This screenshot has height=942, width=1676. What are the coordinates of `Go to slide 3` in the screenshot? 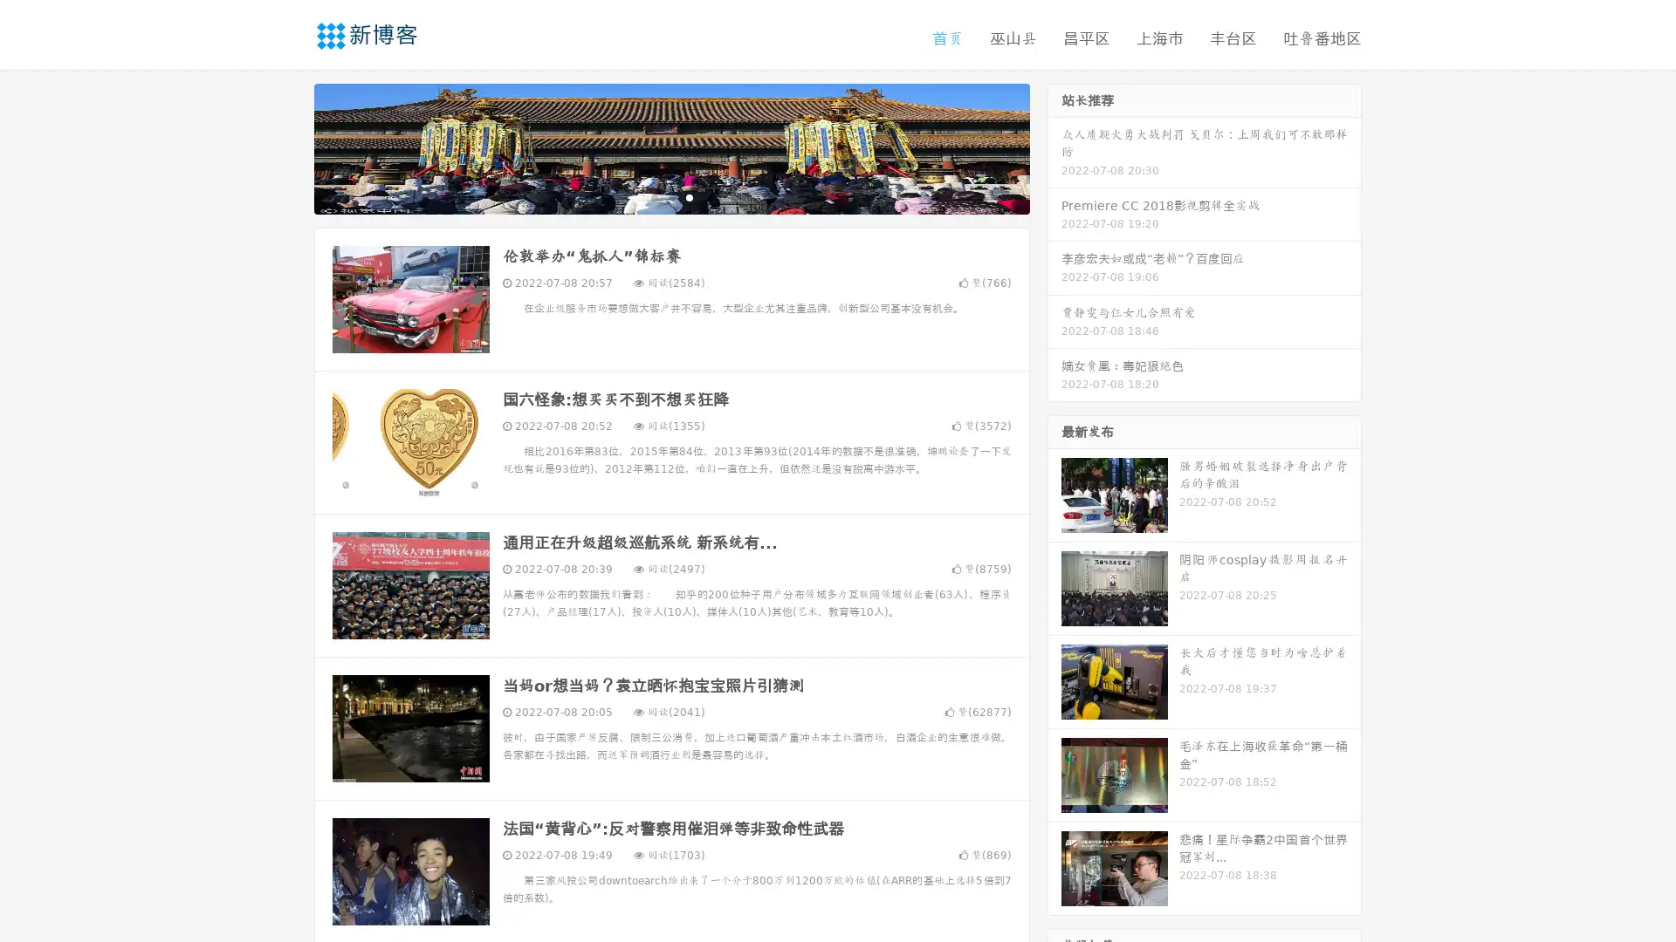 It's located at (689, 196).